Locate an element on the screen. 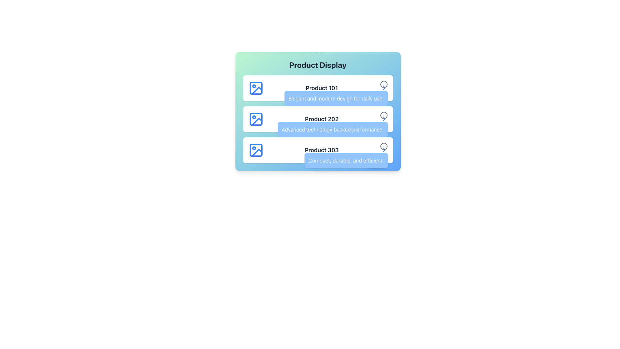  the chevron icon in the second row under 'Product Display' is located at coordinates (384, 119).